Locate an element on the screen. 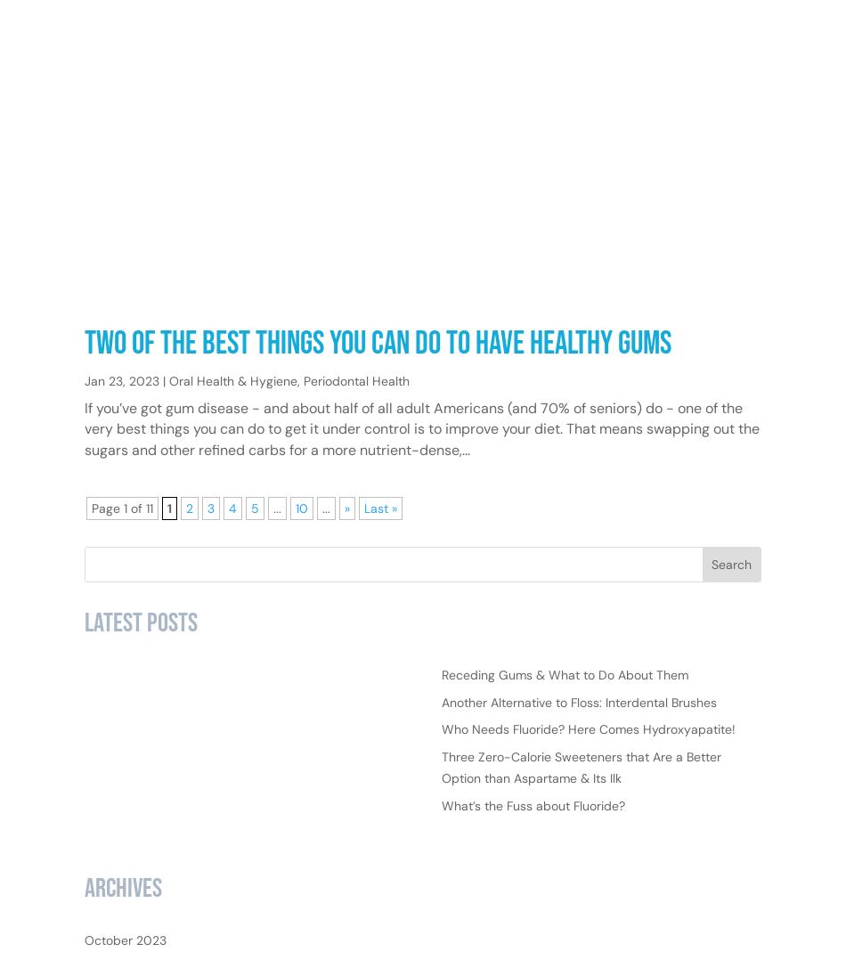  'Another Alternative to Floss: Interdental Brushes' is located at coordinates (578, 758).